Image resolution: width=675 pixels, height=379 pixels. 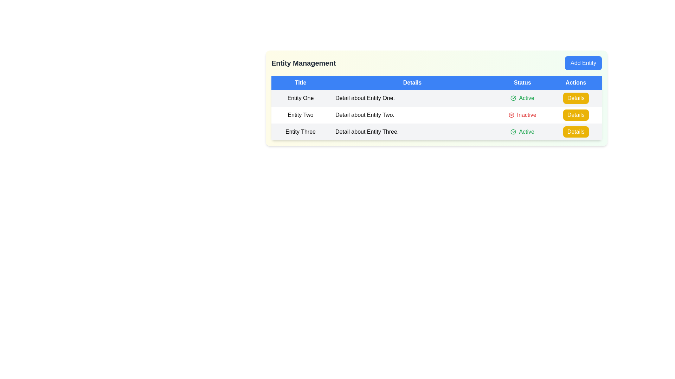 What do you see at coordinates (300, 132) in the screenshot?
I see `text content of the label identifying 'Entity Three' located in the third row under the 'Title' column of the table` at bounding box center [300, 132].